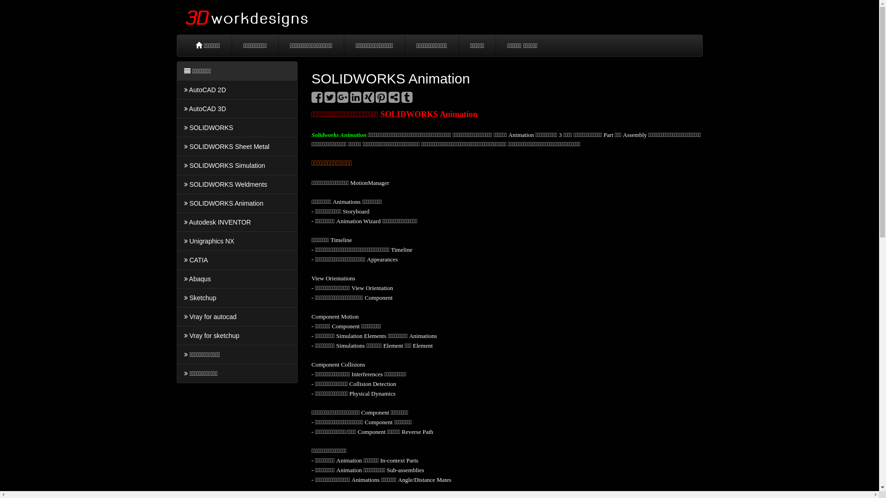  I want to click on 'Autodesk INVENTOR', so click(237, 222).